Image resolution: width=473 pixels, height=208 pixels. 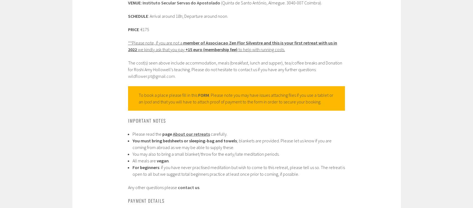 I want to click on 'page', so click(x=162, y=133).